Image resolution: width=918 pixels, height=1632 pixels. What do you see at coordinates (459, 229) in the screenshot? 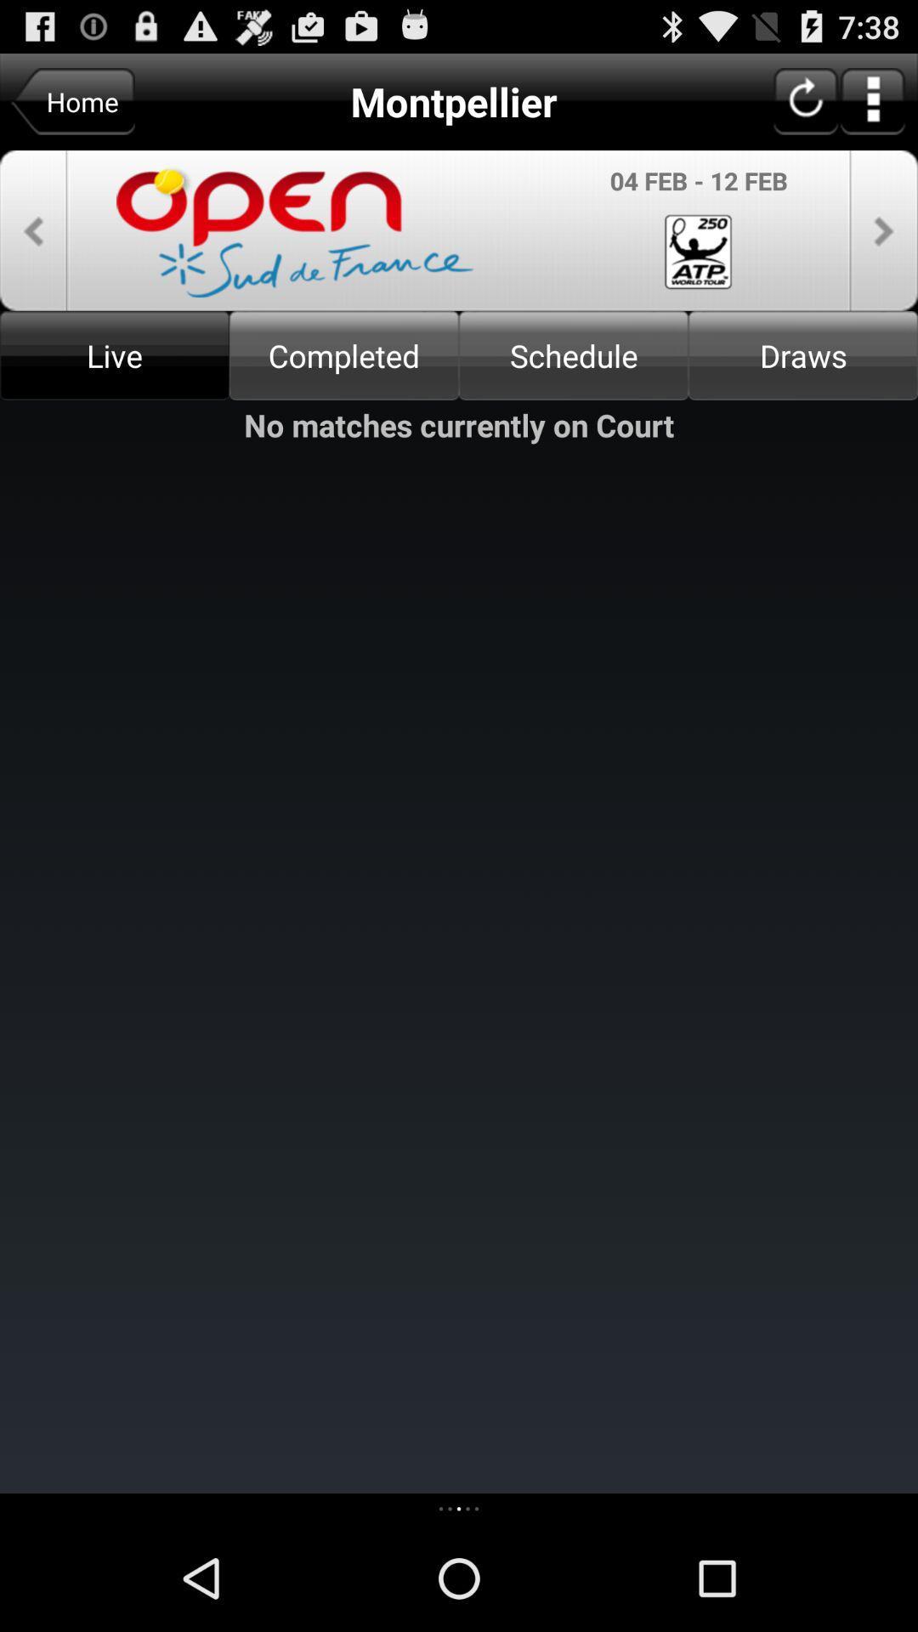
I see `the image above live` at bounding box center [459, 229].